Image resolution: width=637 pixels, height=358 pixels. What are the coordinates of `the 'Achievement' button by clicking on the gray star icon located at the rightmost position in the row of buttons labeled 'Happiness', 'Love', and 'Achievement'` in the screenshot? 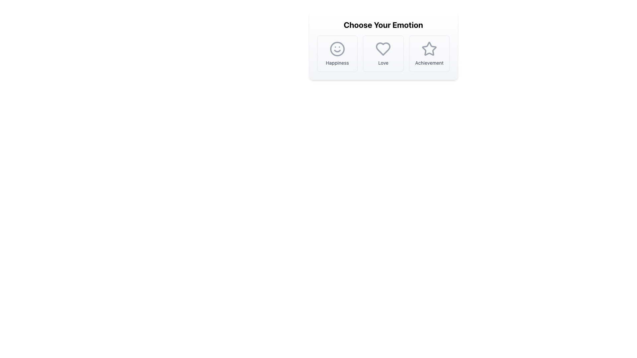 It's located at (429, 48).